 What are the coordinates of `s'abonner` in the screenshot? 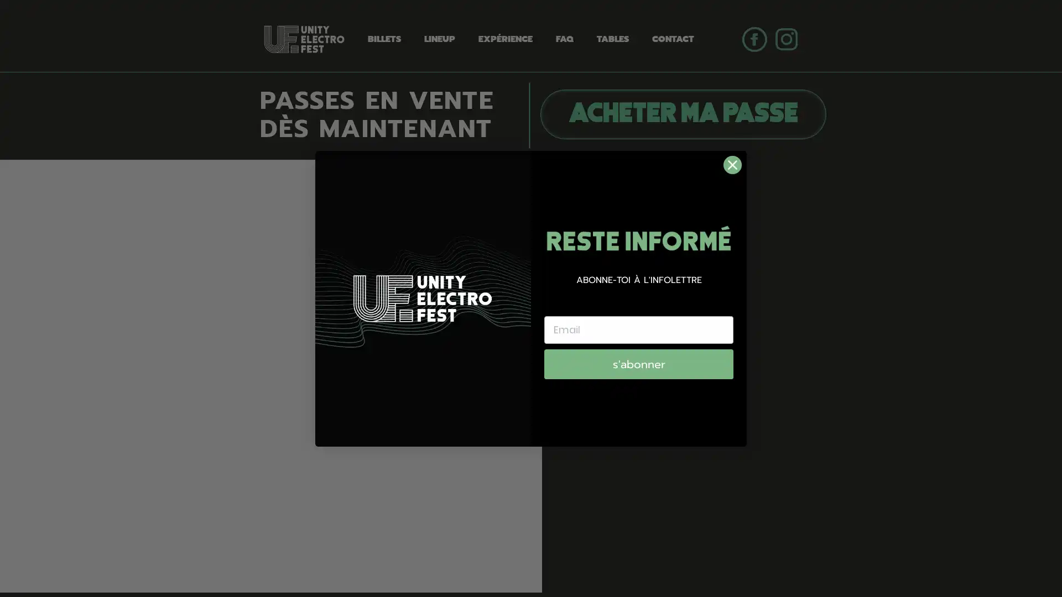 It's located at (639, 364).